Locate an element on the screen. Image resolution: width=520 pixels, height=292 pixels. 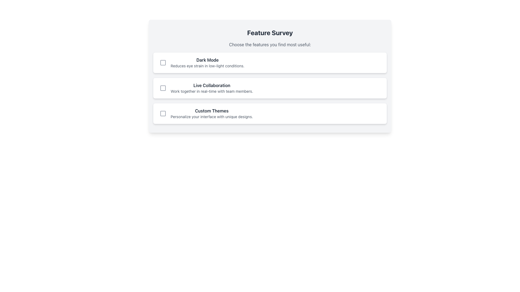
the SVG-based checkbox for 'Custom Themes', which is a square-shaped icon with a light grey rounded rectangular border is located at coordinates (162, 113).